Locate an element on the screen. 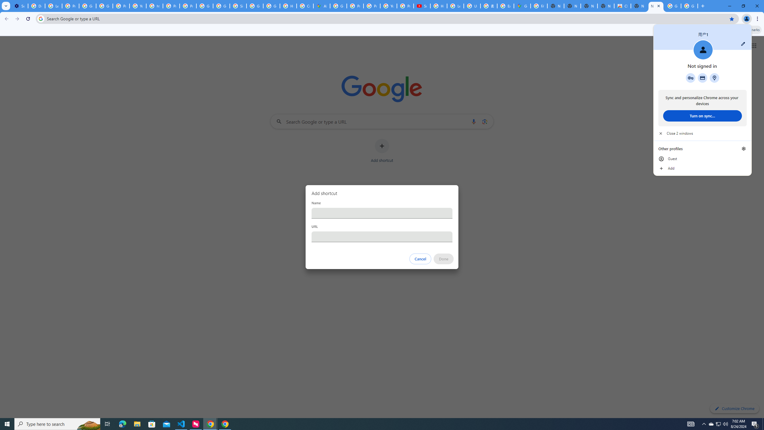 This screenshot has width=764, height=430. 'AutomationID: 4105' is located at coordinates (691, 423).